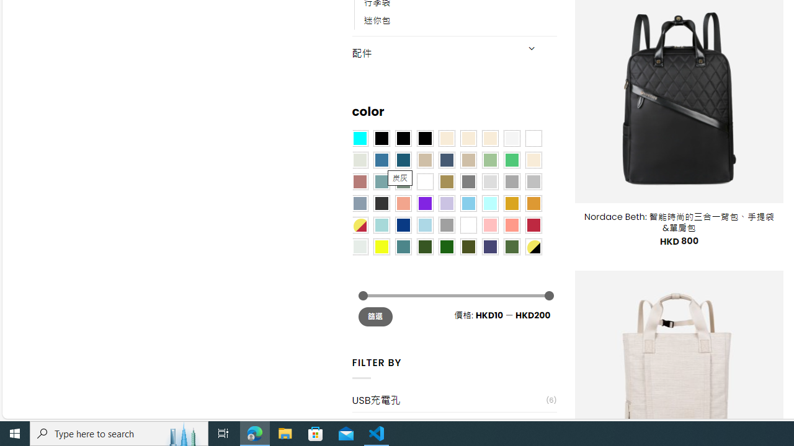 The height and width of the screenshot is (446, 794). I want to click on 'Cream', so click(489, 138).